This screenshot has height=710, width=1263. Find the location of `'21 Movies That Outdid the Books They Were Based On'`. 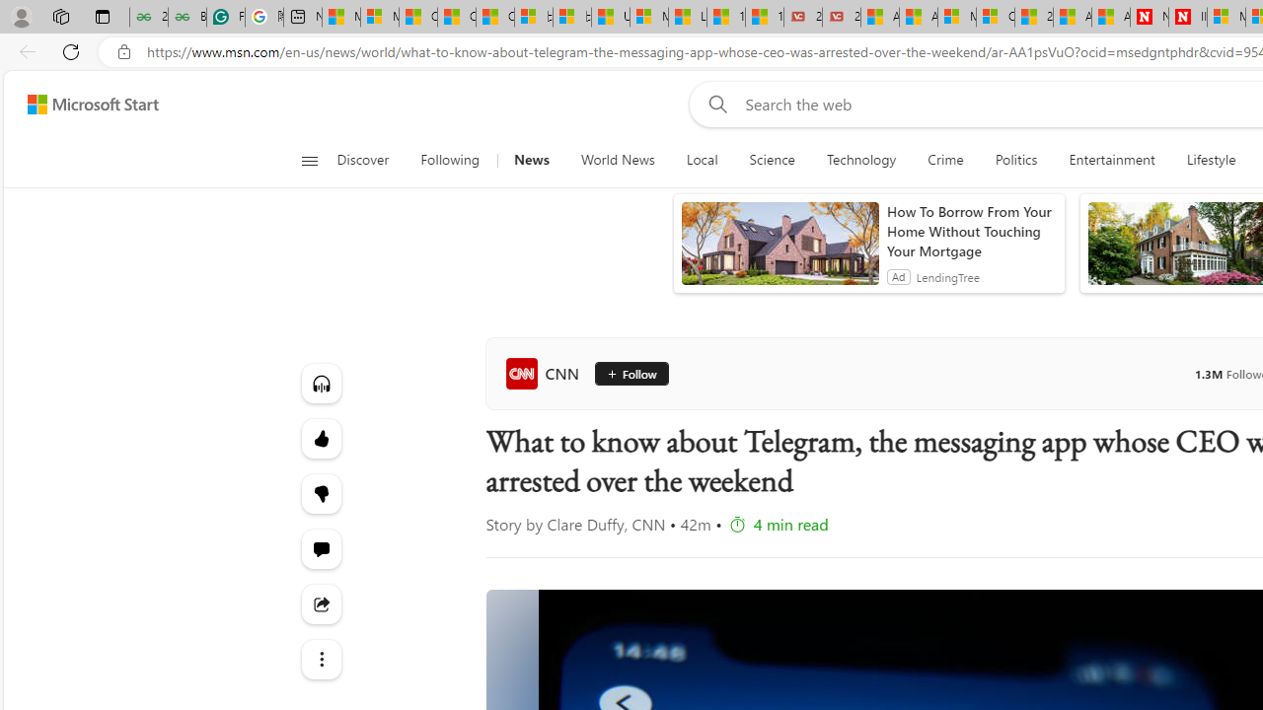

'21 Movies That Outdid the Books They Were Based On' is located at coordinates (842, 17).